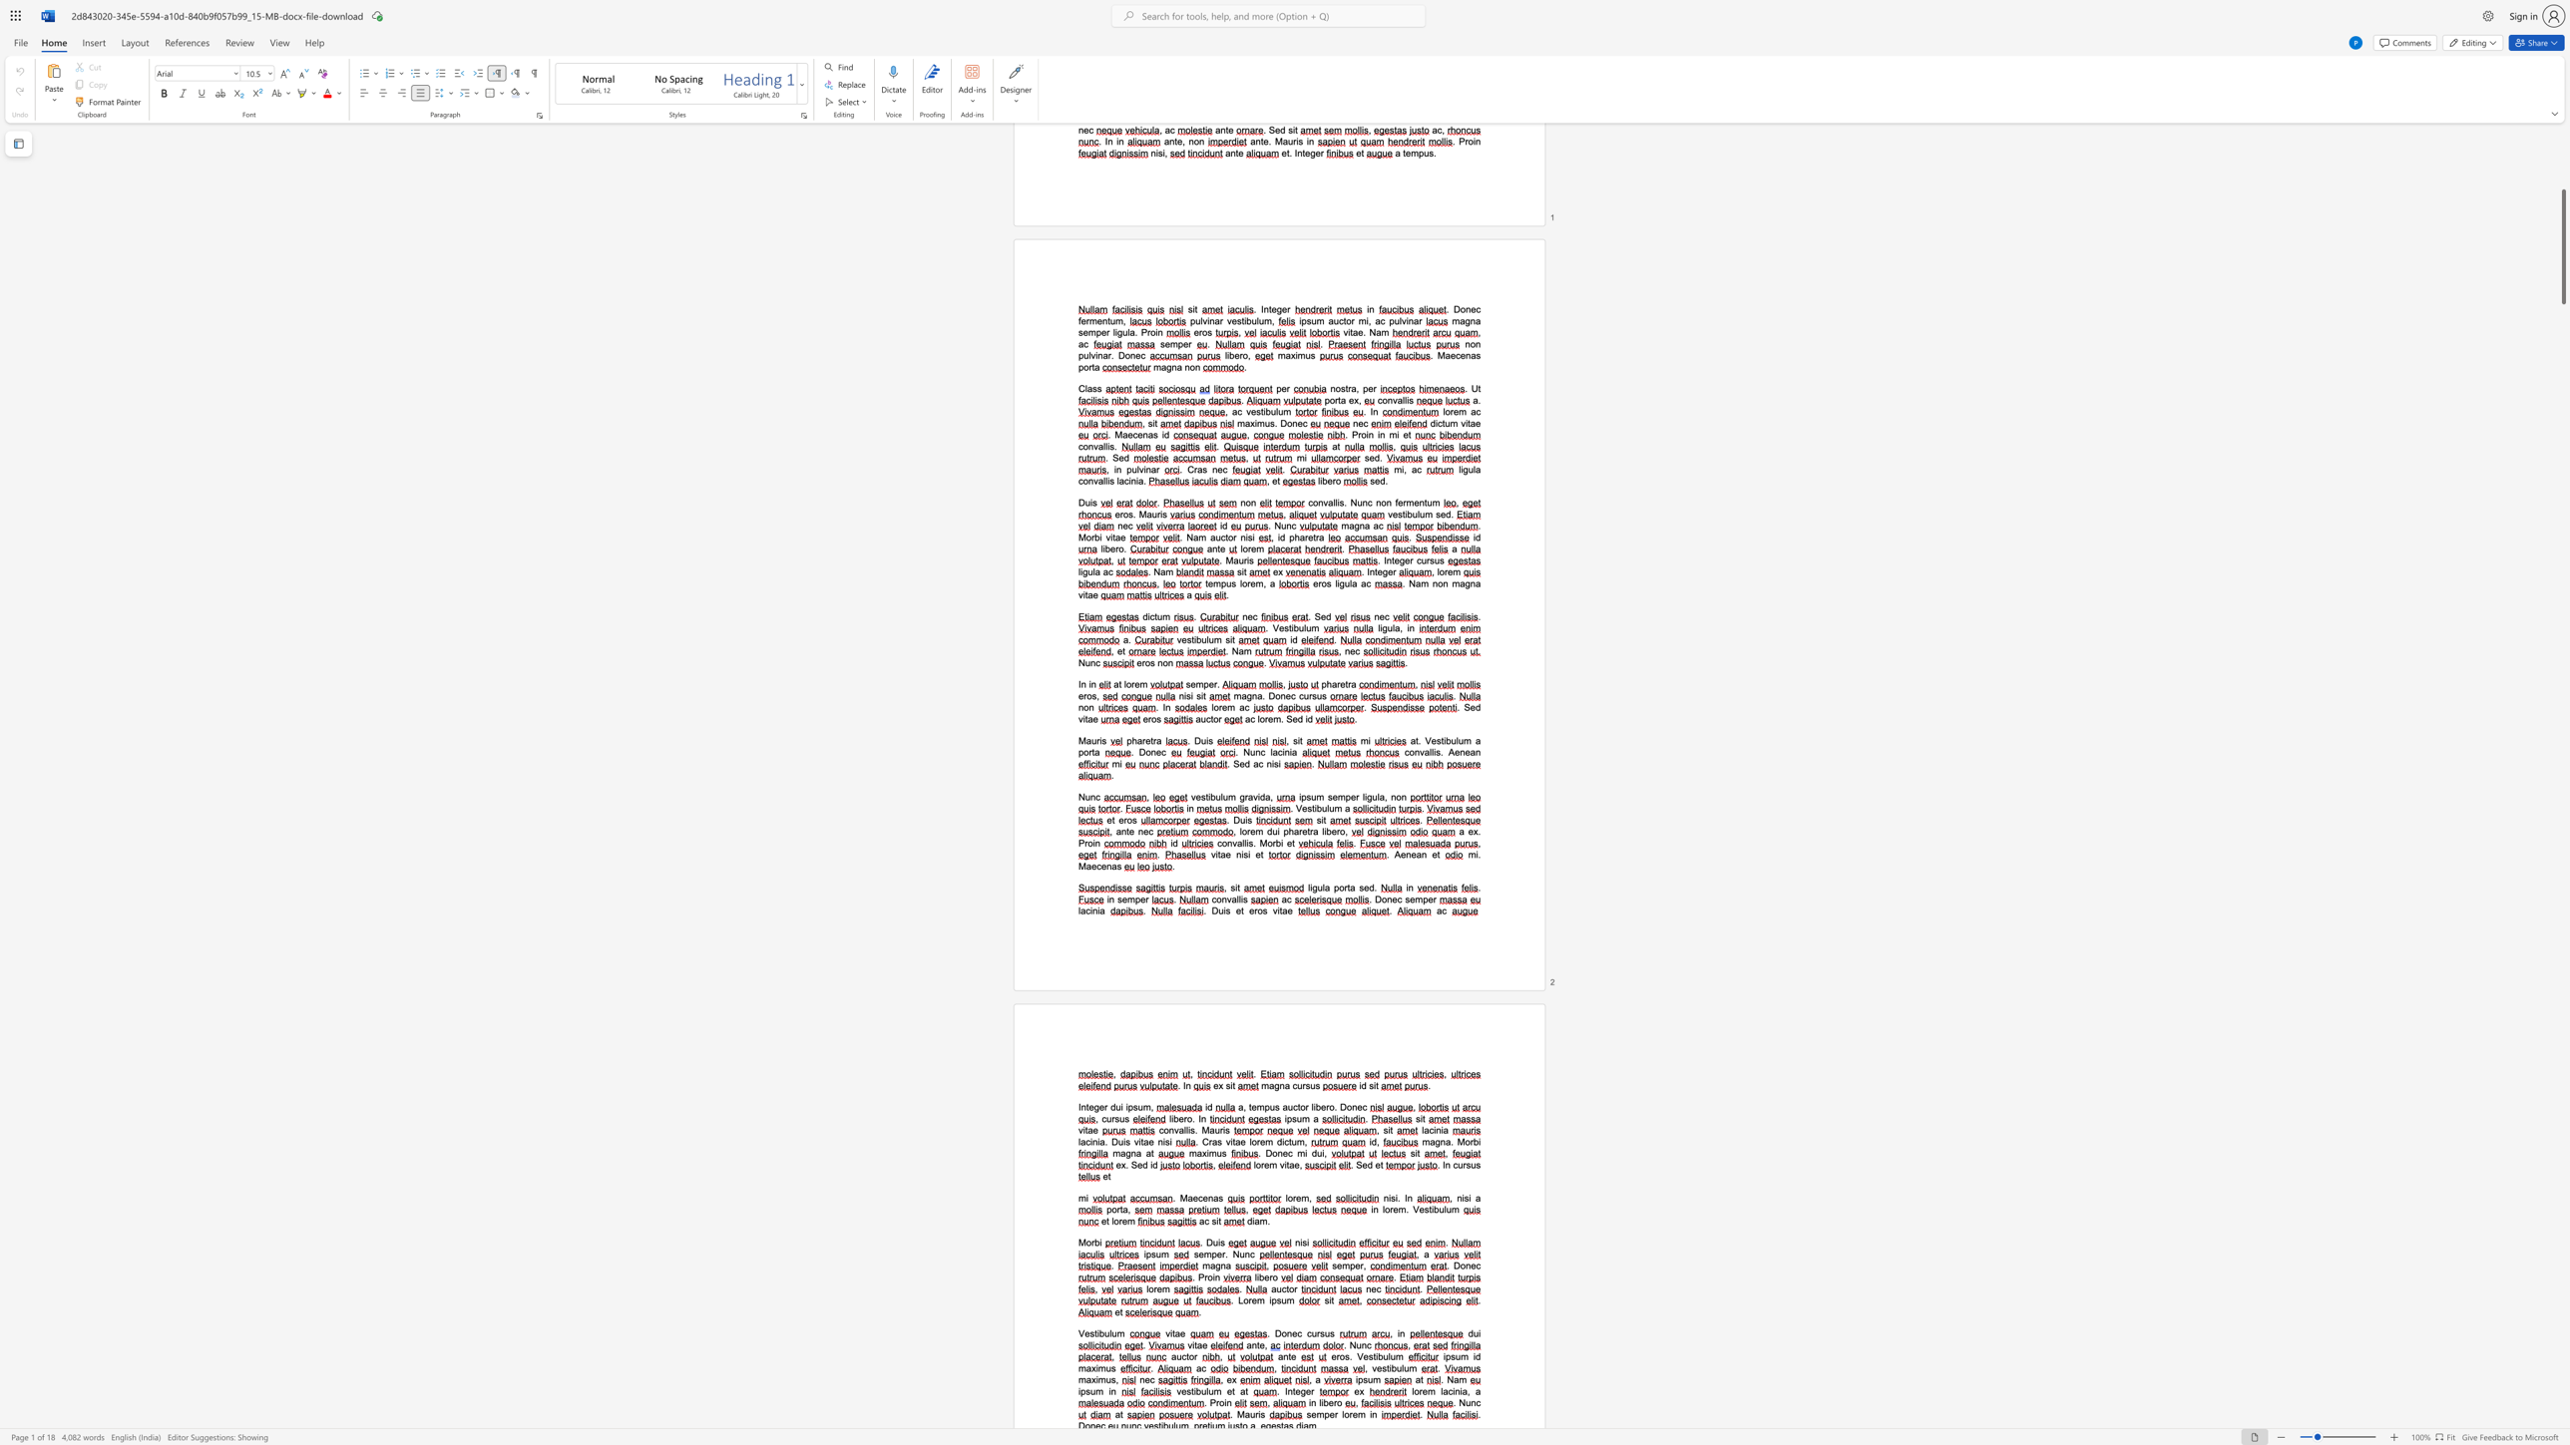 This screenshot has height=1445, width=2570. I want to click on the space between the continuous character "N" and "u" in the text, so click(1238, 1254).